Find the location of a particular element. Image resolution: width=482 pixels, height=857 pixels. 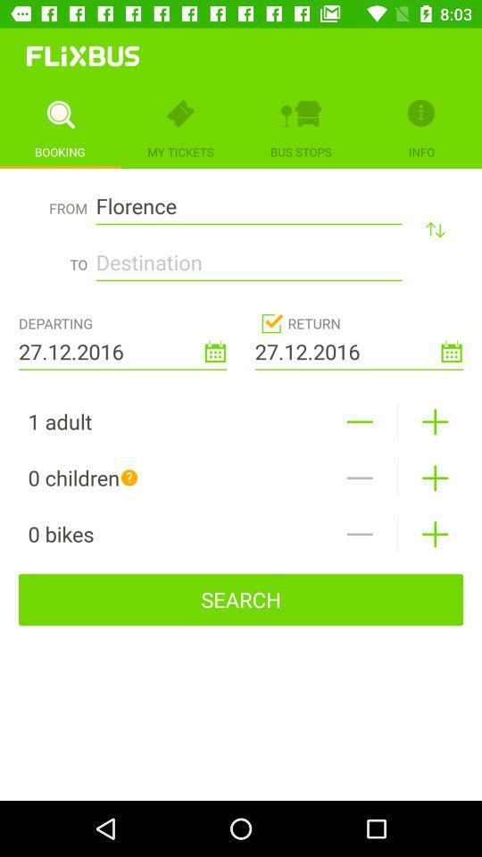

the swap icon is located at coordinates (434, 229).